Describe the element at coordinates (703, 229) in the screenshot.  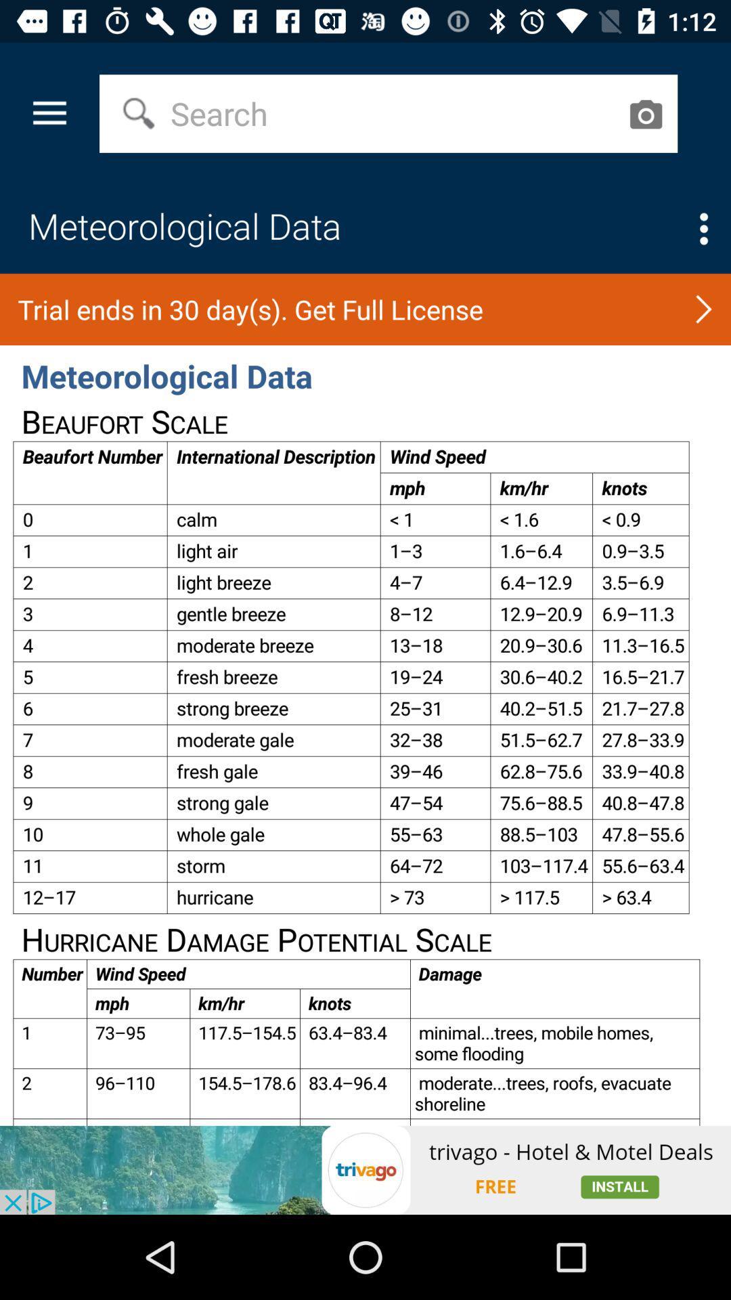
I see `more information` at that location.